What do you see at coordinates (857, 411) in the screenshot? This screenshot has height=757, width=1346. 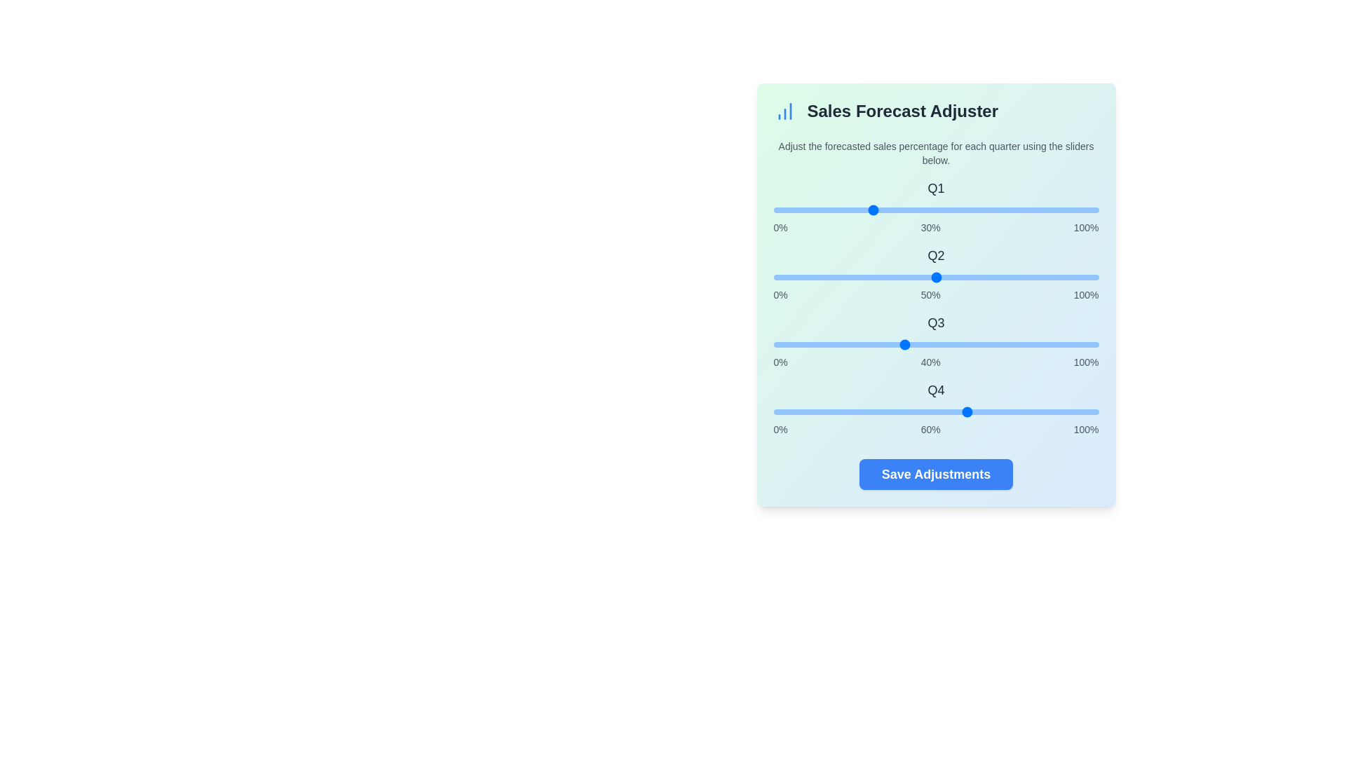 I see `the Q4 slider to 26%` at bounding box center [857, 411].